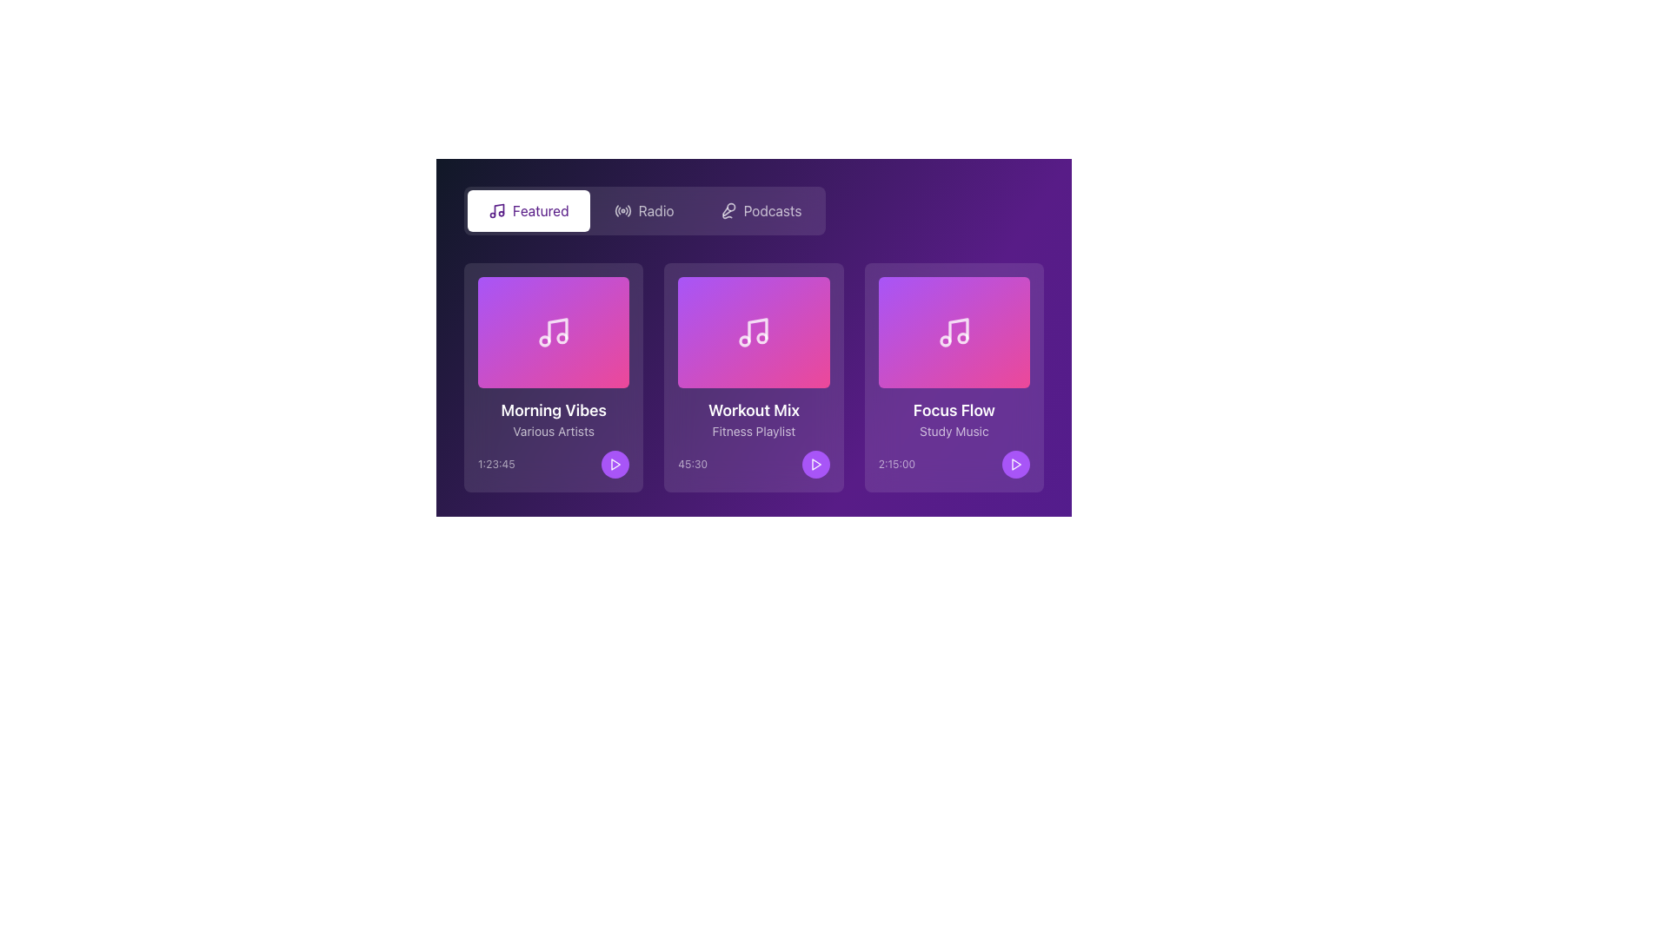 Image resolution: width=1669 pixels, height=938 pixels. What do you see at coordinates (953, 332) in the screenshot?
I see `the decorative background with an embedded icon of musical notes, located in the 'Focus Flow' card, which is the third card from the left` at bounding box center [953, 332].